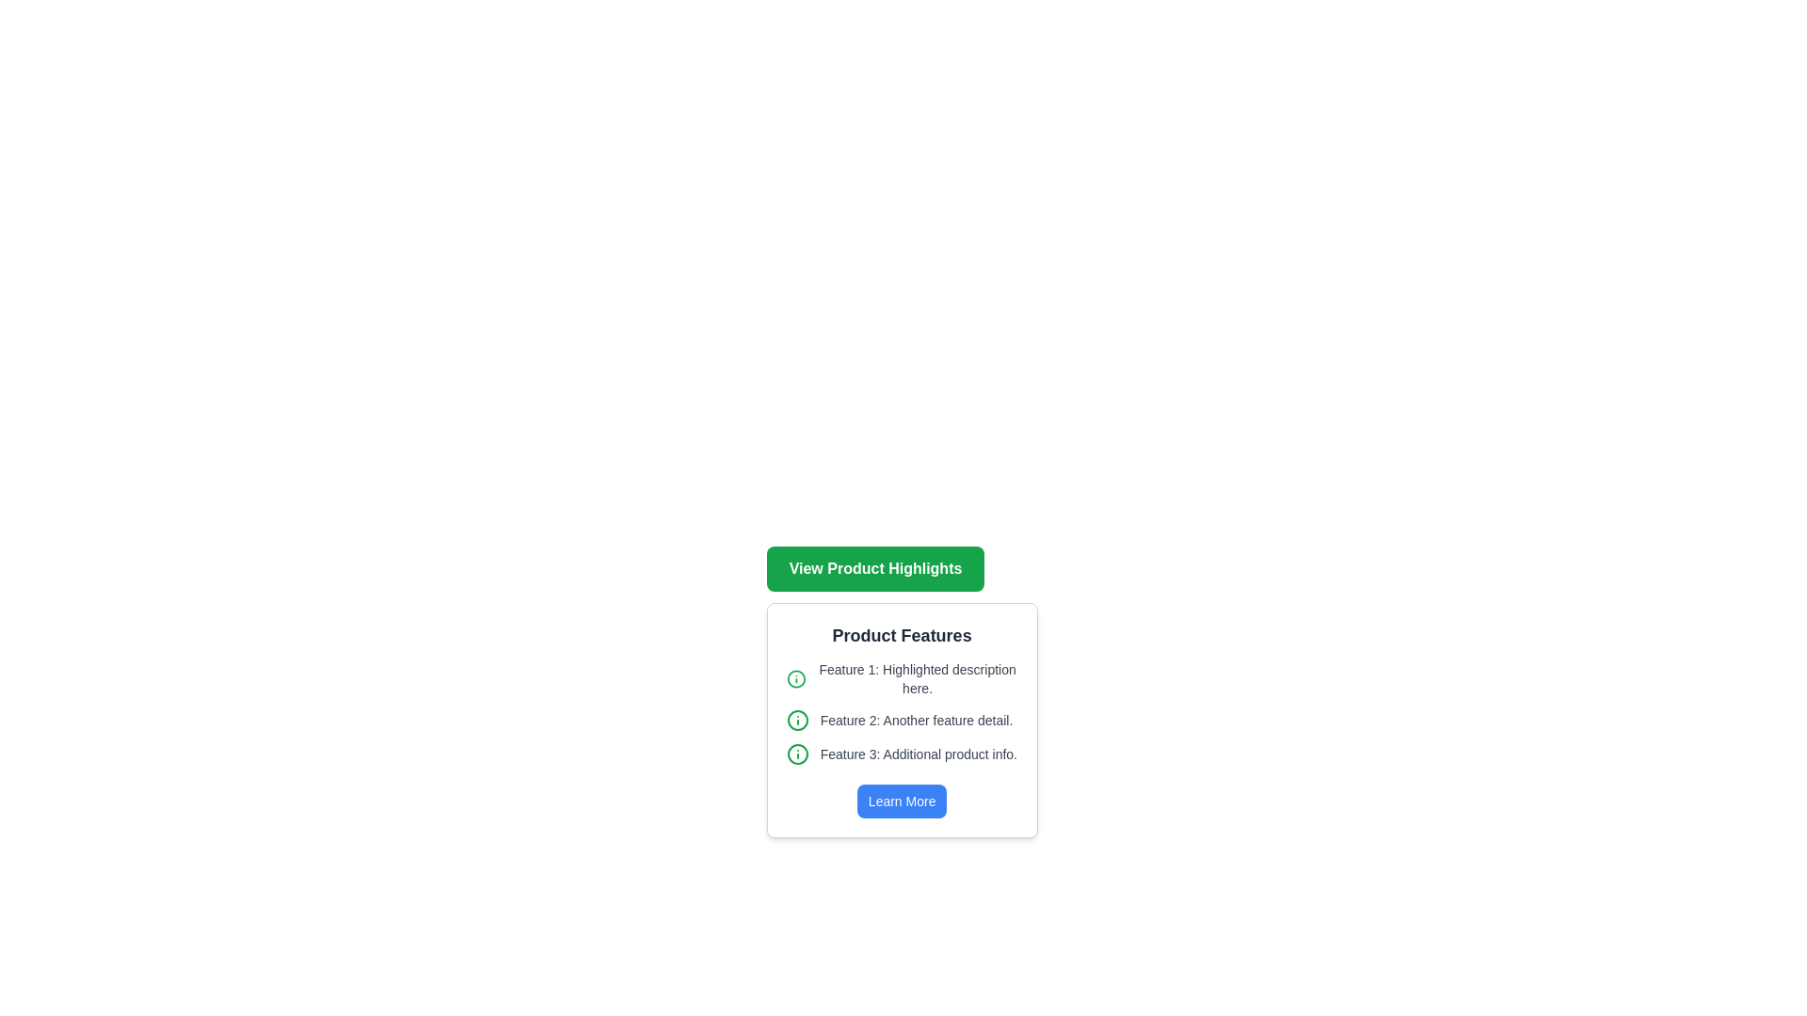 The image size is (1807, 1016). I want to click on the static text element that reads 'Feature 3: Additional product info.' styled with a small font size and gray color, which is the third item in a vertical list of features on a white card layout, so click(919, 754).